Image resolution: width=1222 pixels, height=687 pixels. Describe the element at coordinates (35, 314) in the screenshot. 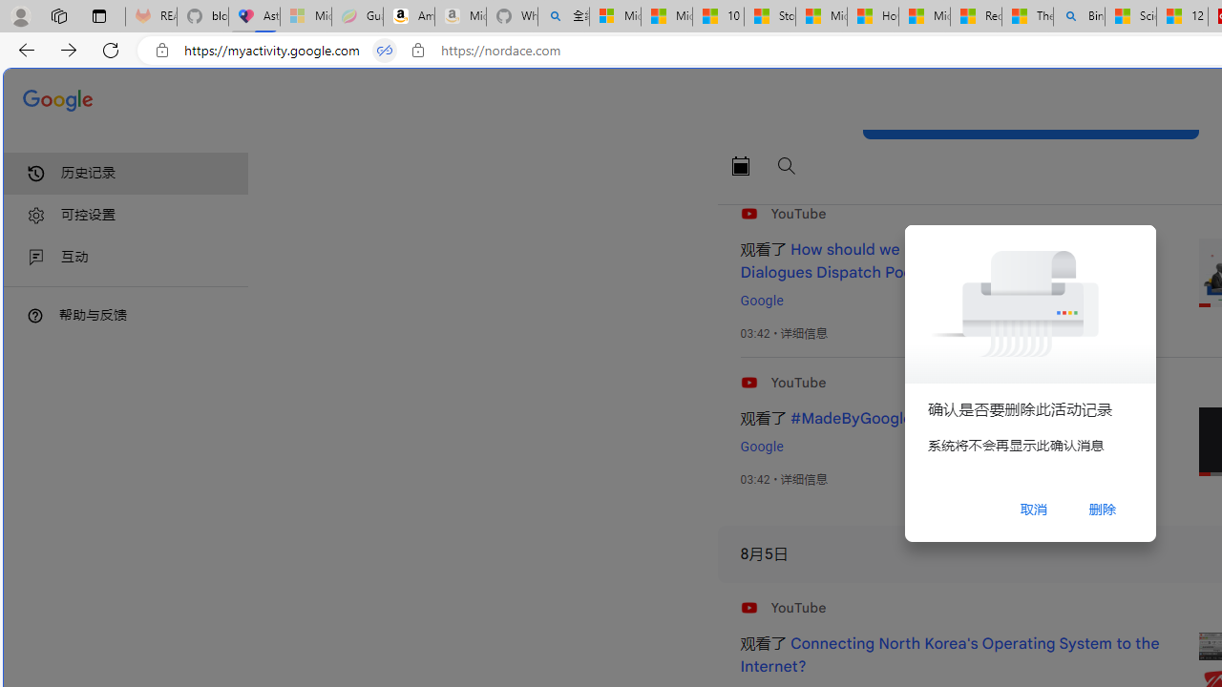

I see `'Class: DTiKkd NMm5M'` at that location.